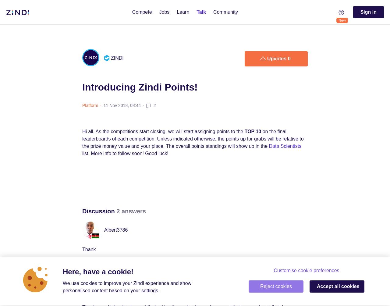 The height and width of the screenshot is (306, 390). What do you see at coordinates (125, 153) in the screenshot?
I see `'list. More info to follow soon! Good luck!'` at bounding box center [125, 153].